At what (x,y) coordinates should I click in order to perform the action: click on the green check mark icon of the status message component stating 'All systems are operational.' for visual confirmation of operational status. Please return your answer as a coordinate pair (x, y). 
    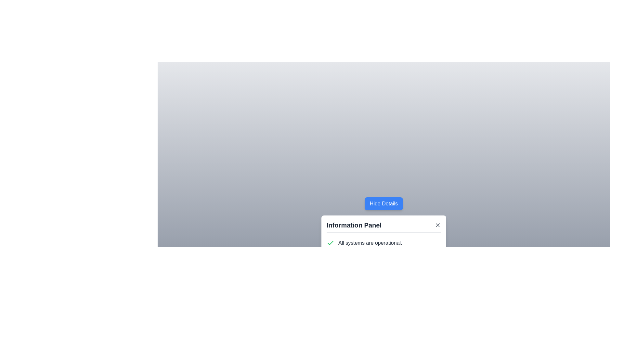
    Looking at the image, I should click on (383, 254).